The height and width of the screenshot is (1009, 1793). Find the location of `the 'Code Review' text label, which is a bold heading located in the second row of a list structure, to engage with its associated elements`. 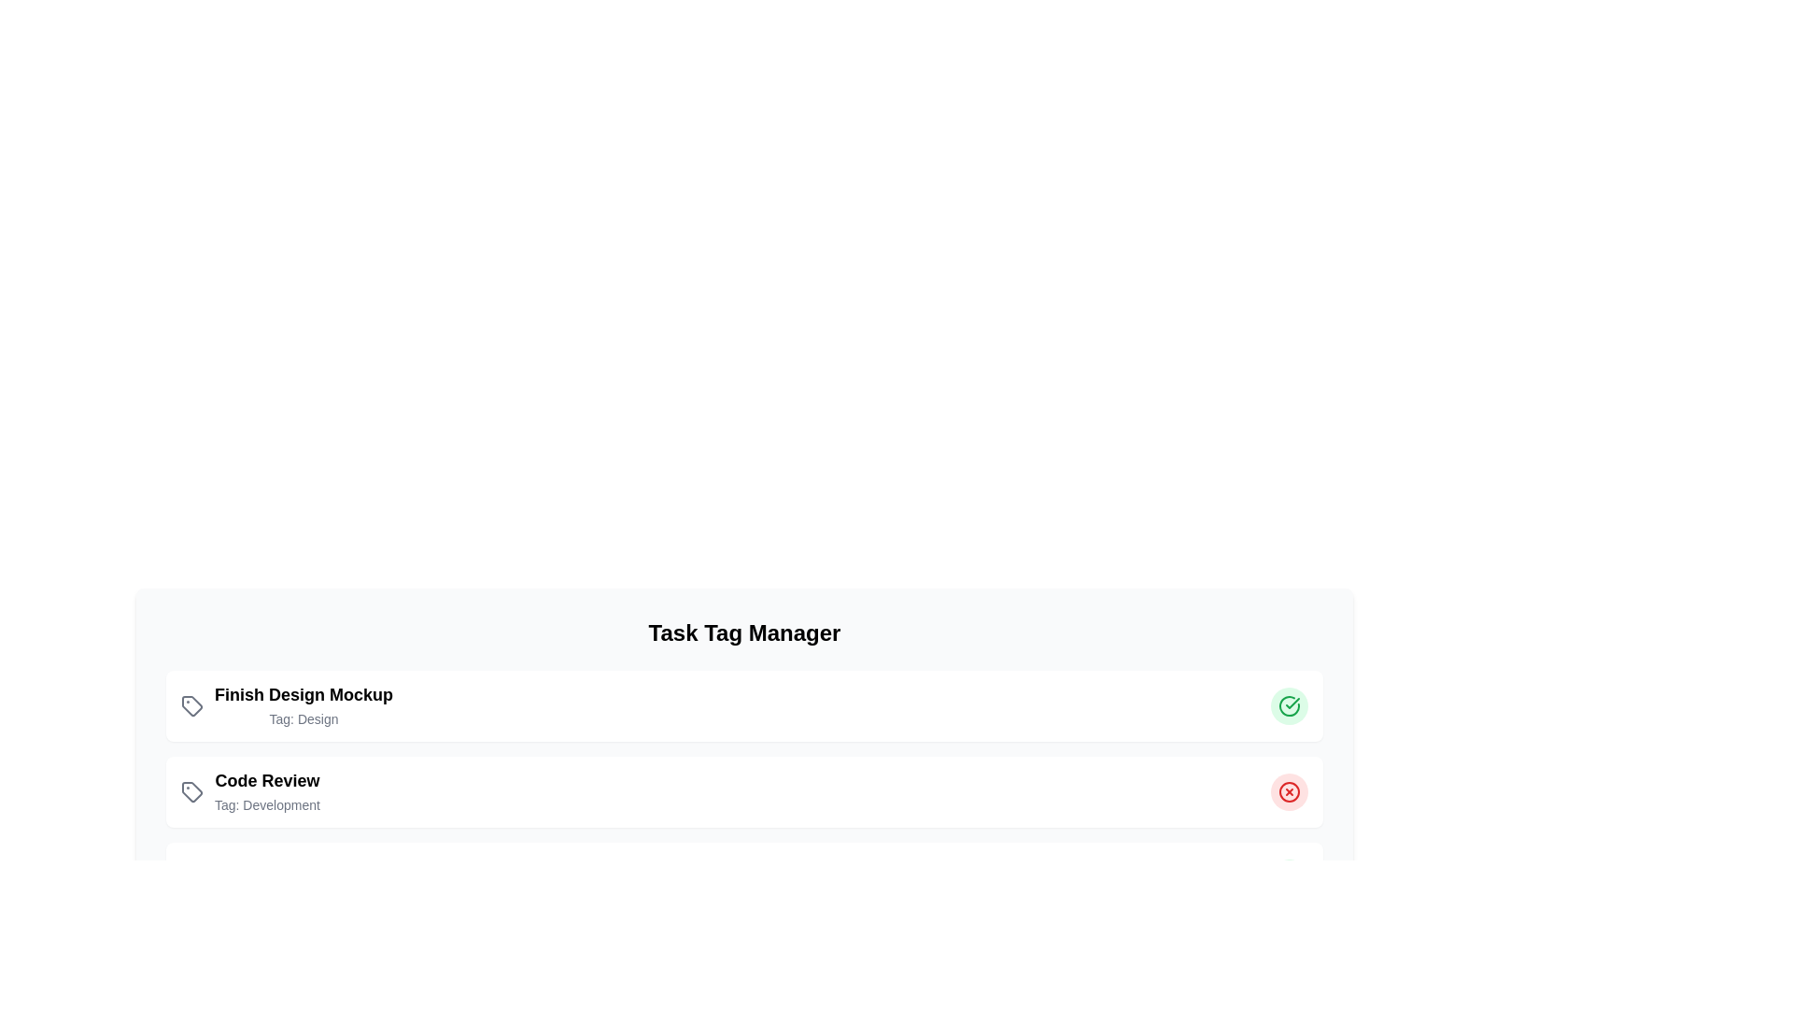

the 'Code Review' text label, which is a bold heading located in the second row of a list structure, to engage with its associated elements is located at coordinates (266, 781).